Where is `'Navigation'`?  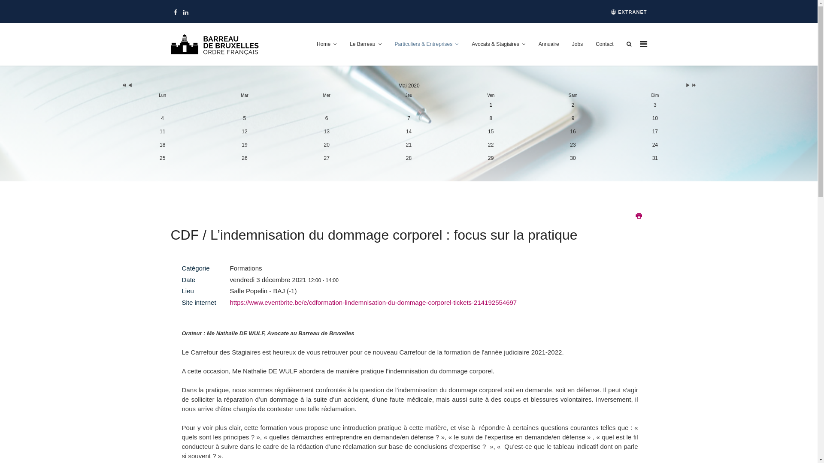
'Navigation' is located at coordinates (639, 44).